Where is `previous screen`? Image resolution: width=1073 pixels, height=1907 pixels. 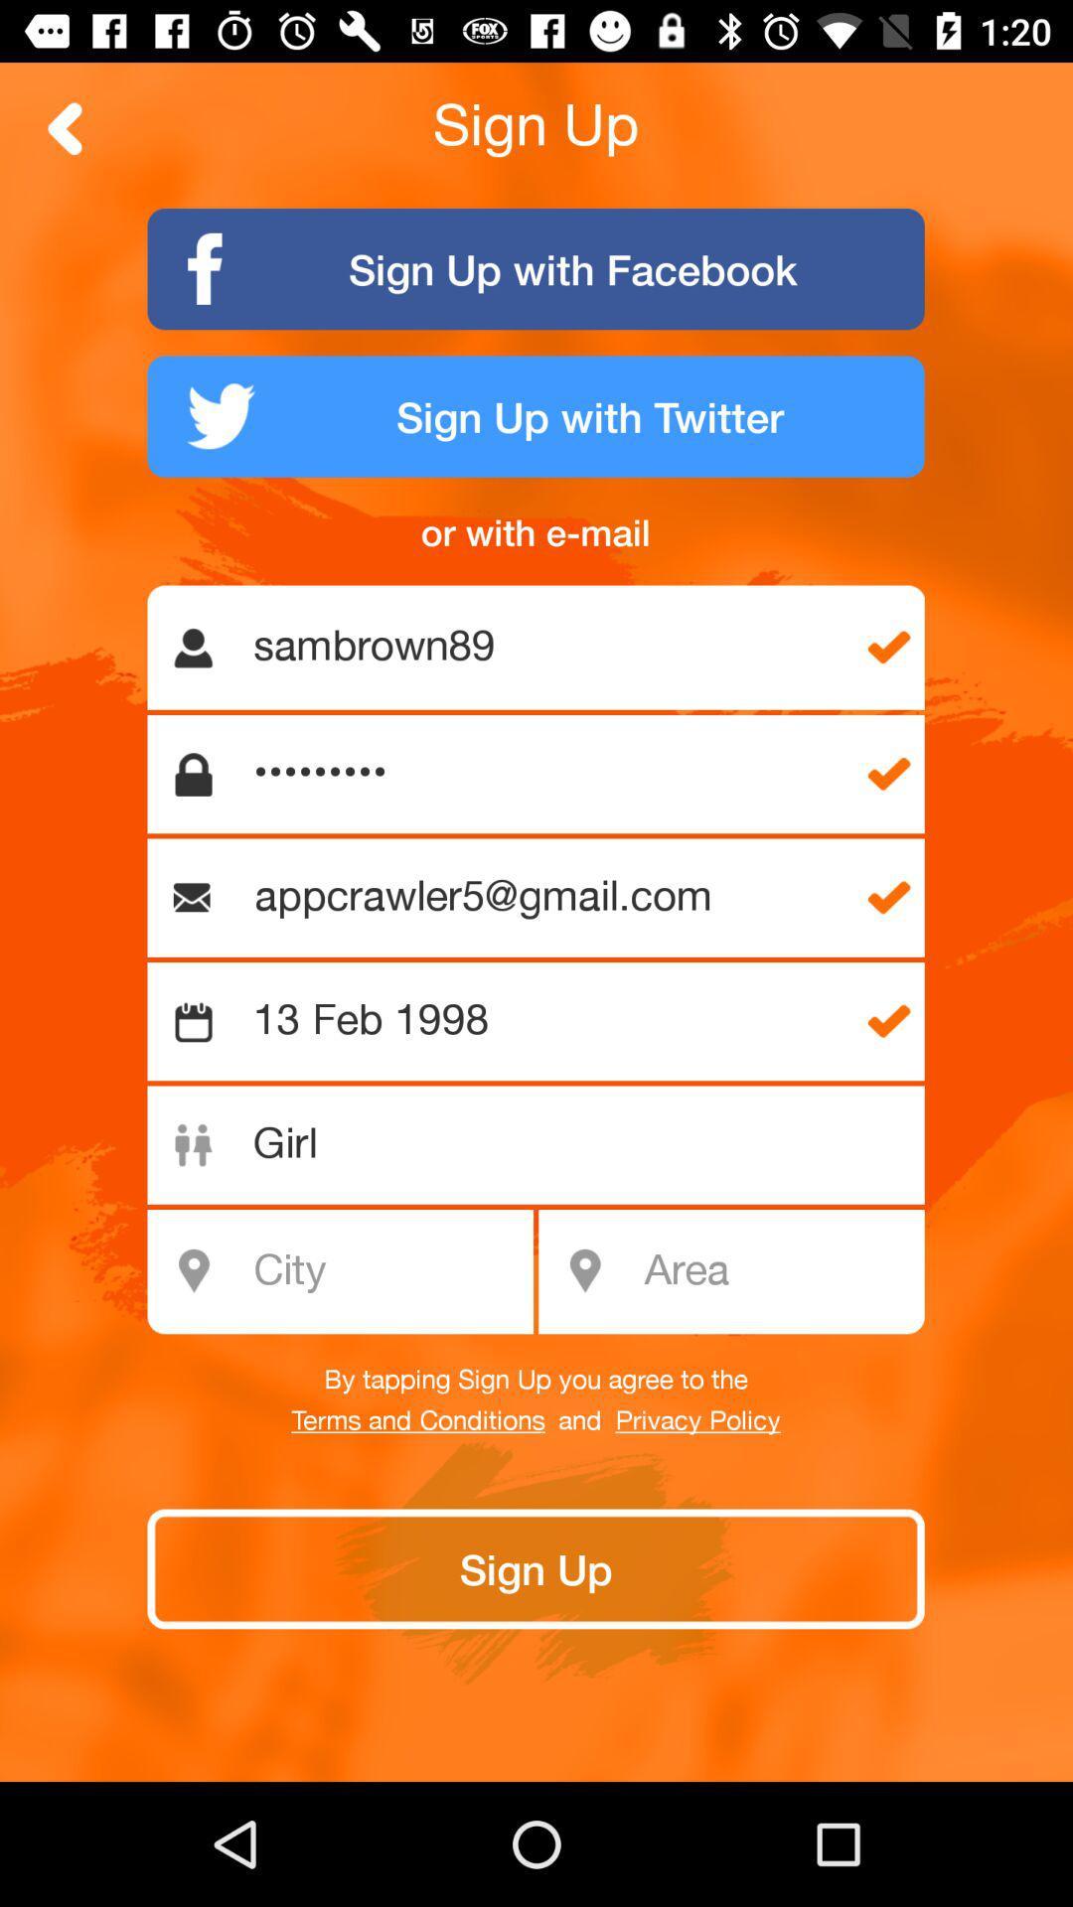 previous screen is located at coordinates (65, 127).